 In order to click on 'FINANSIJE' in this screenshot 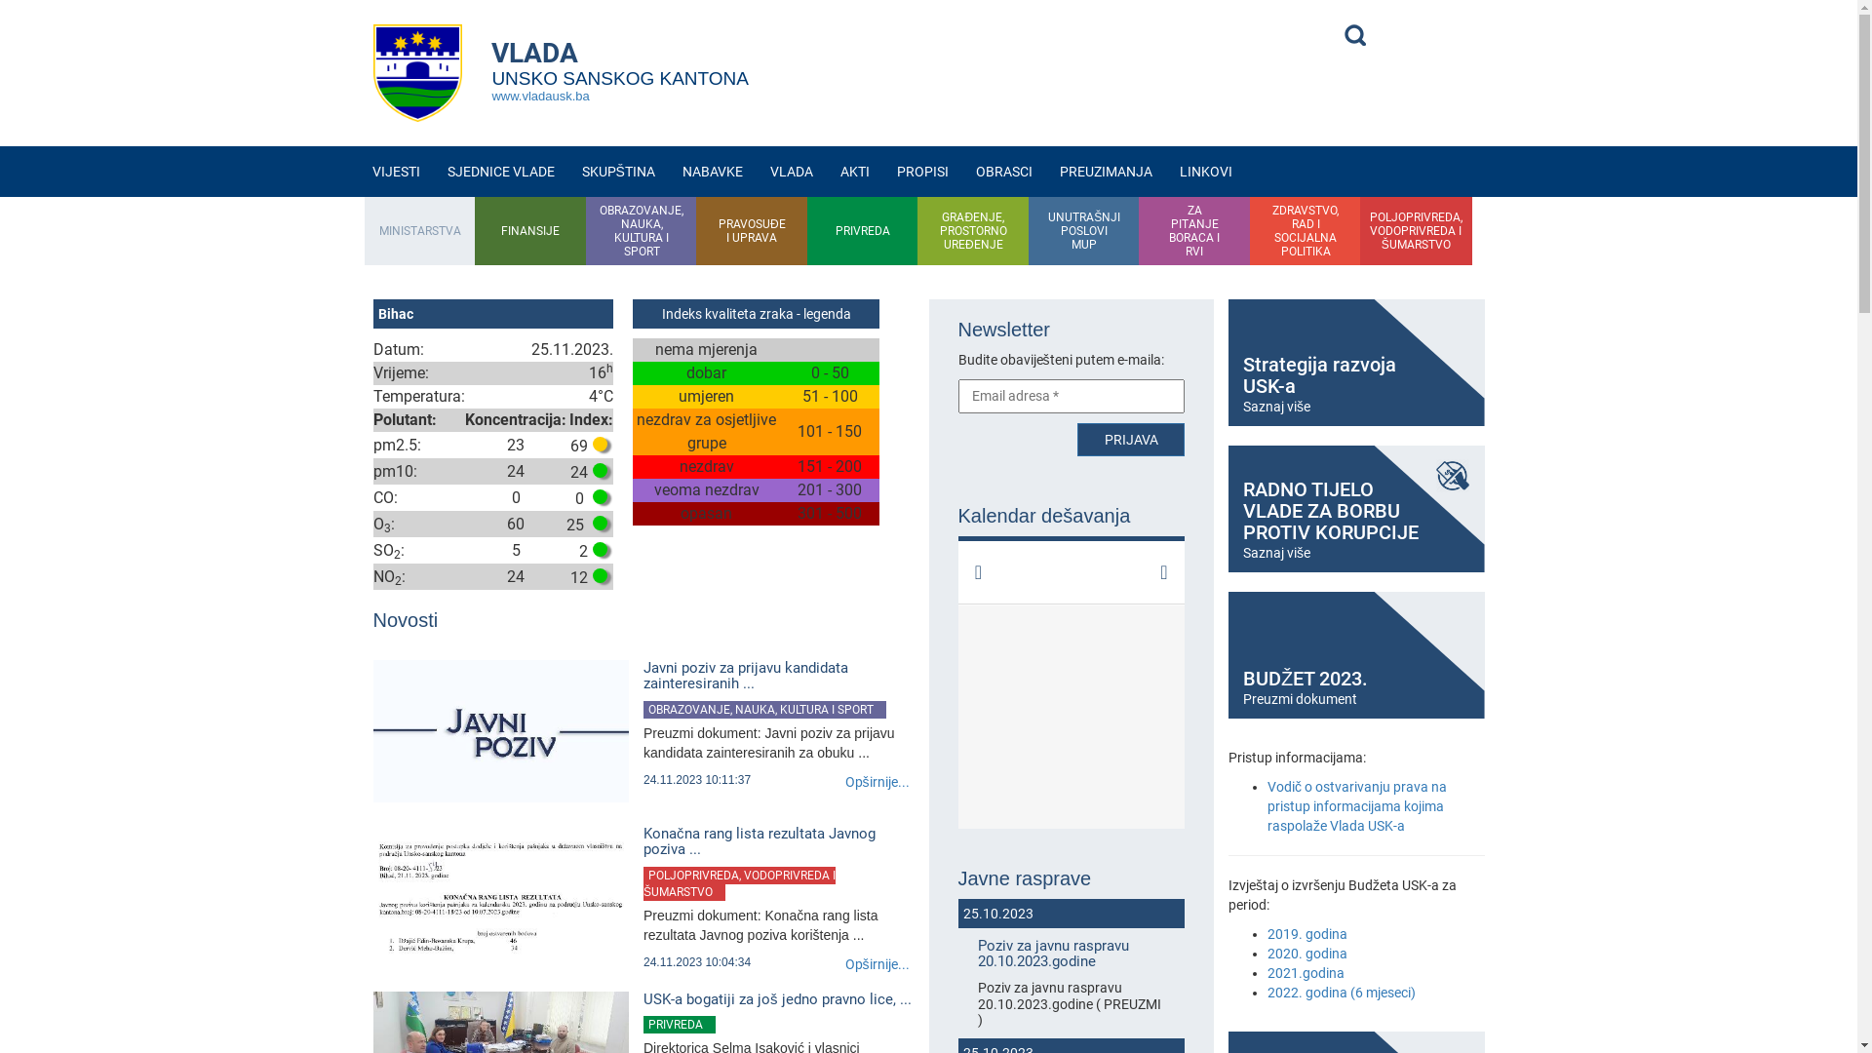, I will do `click(529, 229)`.